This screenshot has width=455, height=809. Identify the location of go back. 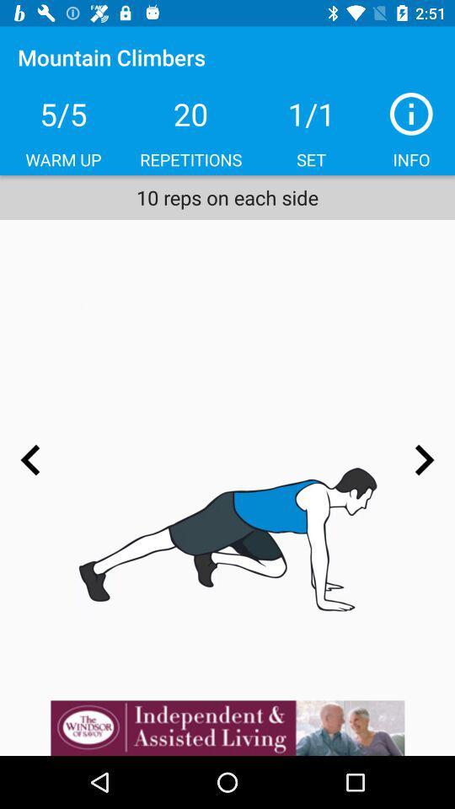
(30, 460).